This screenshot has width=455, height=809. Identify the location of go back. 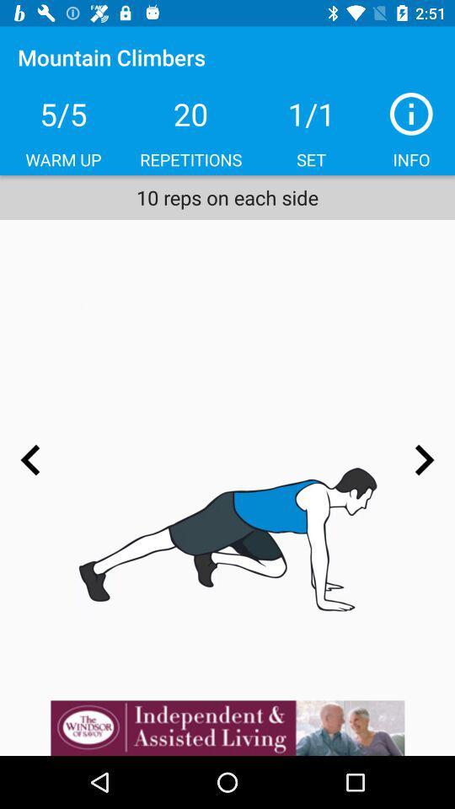
(30, 460).